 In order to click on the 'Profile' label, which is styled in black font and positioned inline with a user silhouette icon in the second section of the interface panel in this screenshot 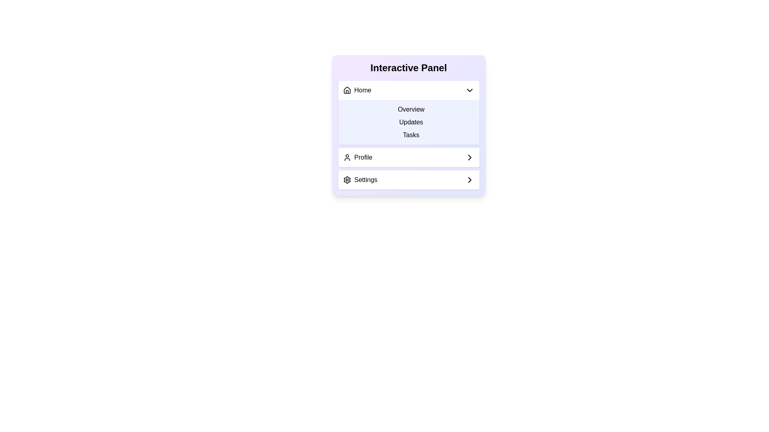, I will do `click(363, 157)`.